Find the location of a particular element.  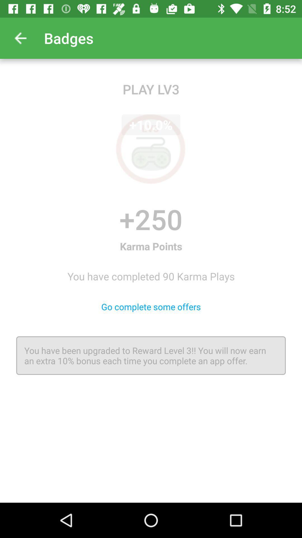

app to the left of the badges item is located at coordinates (20, 38).